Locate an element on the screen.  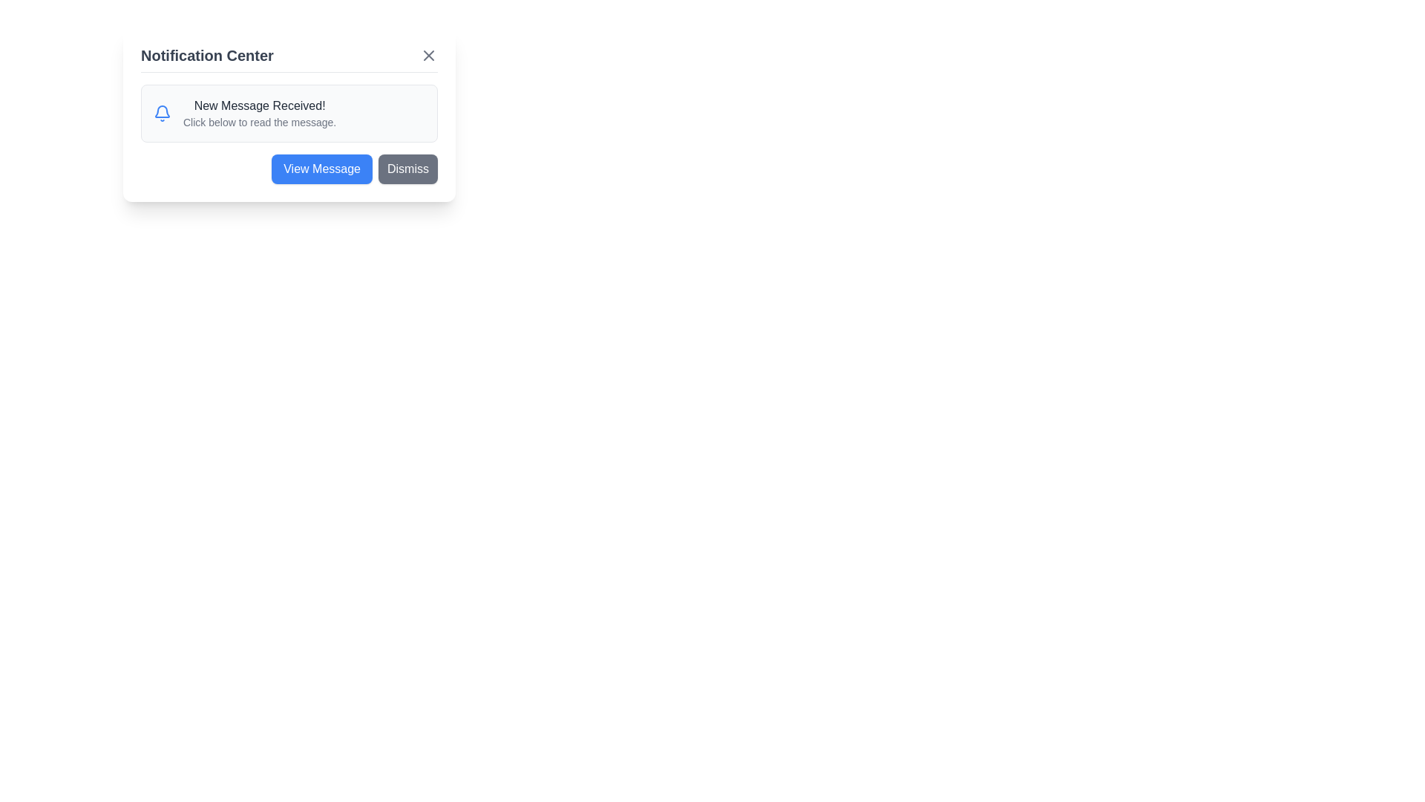
the bright blue button labeled 'View Message' is located at coordinates (321, 168).